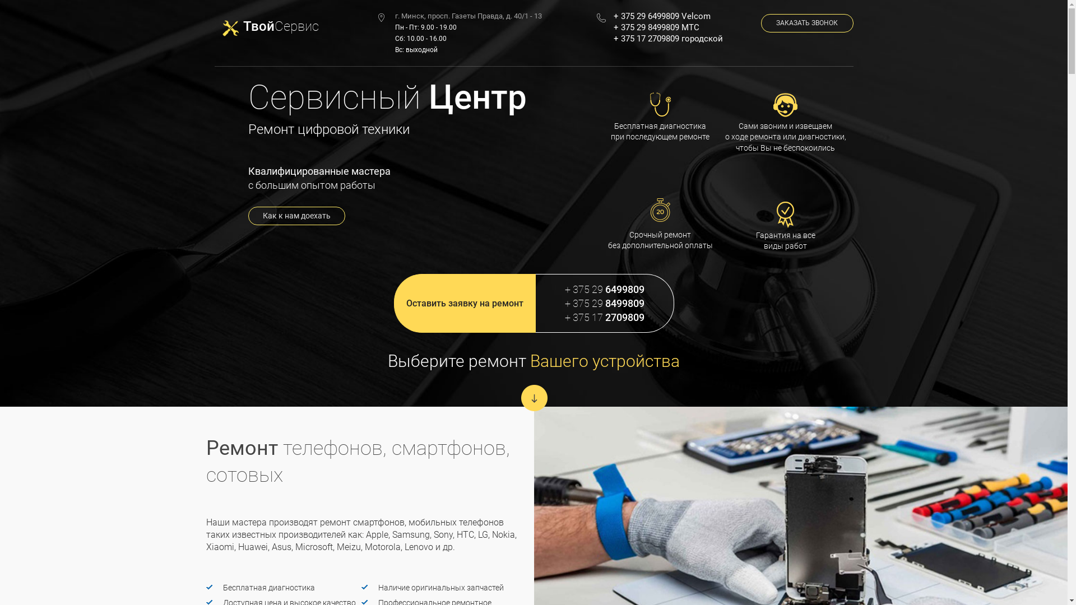  Describe the element at coordinates (678, 27) in the screenshot. I see `'+ 375 29 8499809 MTC'` at that location.